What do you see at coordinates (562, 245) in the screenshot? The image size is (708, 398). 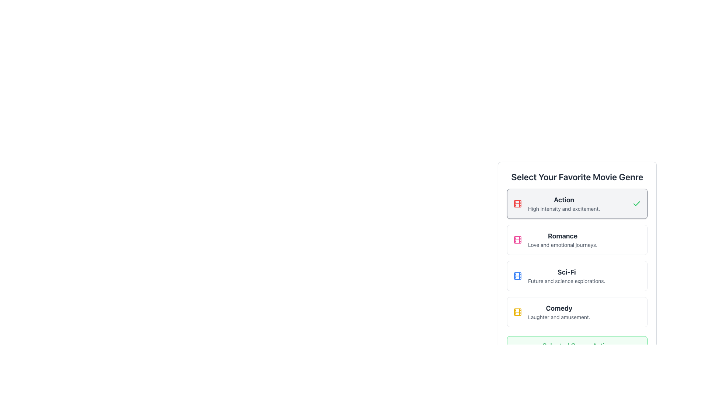 I see `the descriptive subtitle for the 'Romance' movie genre located at the bottom of the box under the title 'Romance'` at bounding box center [562, 245].